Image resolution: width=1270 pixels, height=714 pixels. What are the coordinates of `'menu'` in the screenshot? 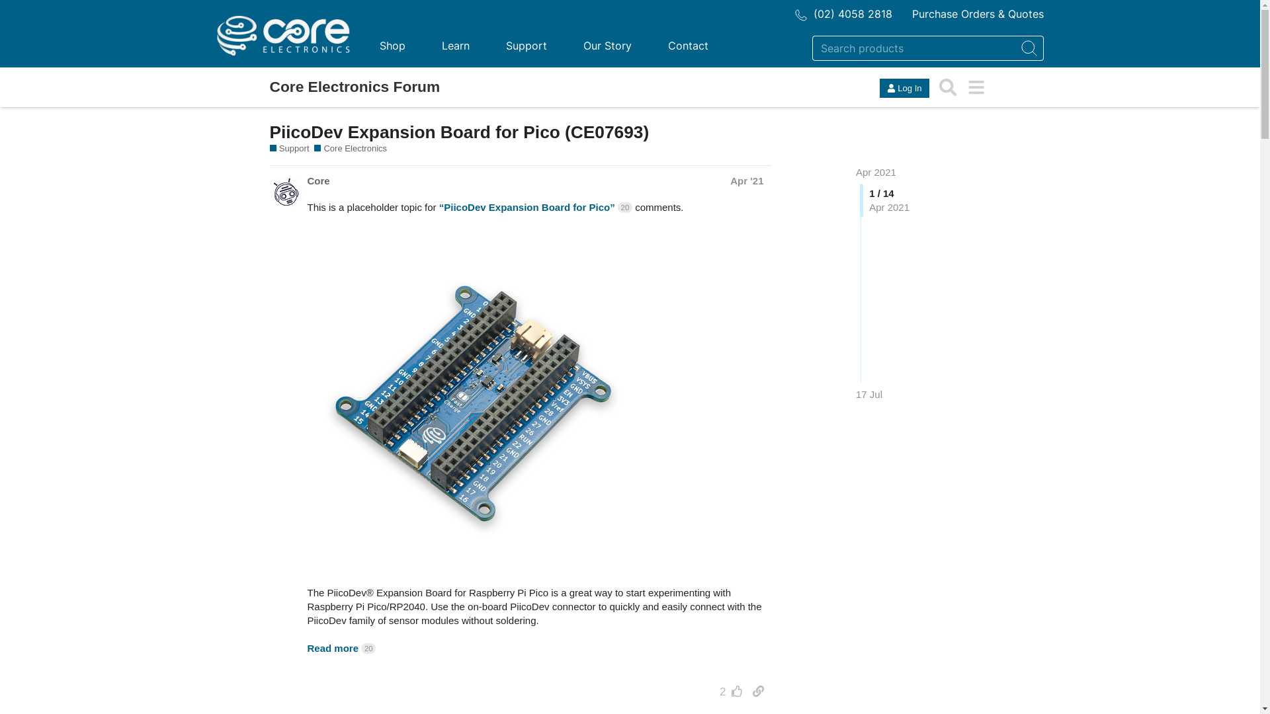 It's located at (962, 87).